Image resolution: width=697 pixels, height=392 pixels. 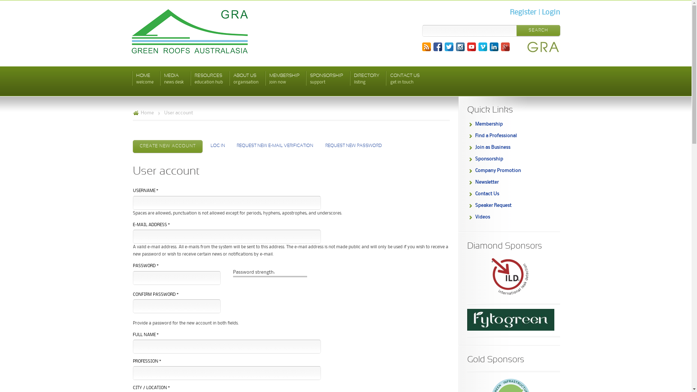 I want to click on 'MEDIA, so click(x=174, y=80).